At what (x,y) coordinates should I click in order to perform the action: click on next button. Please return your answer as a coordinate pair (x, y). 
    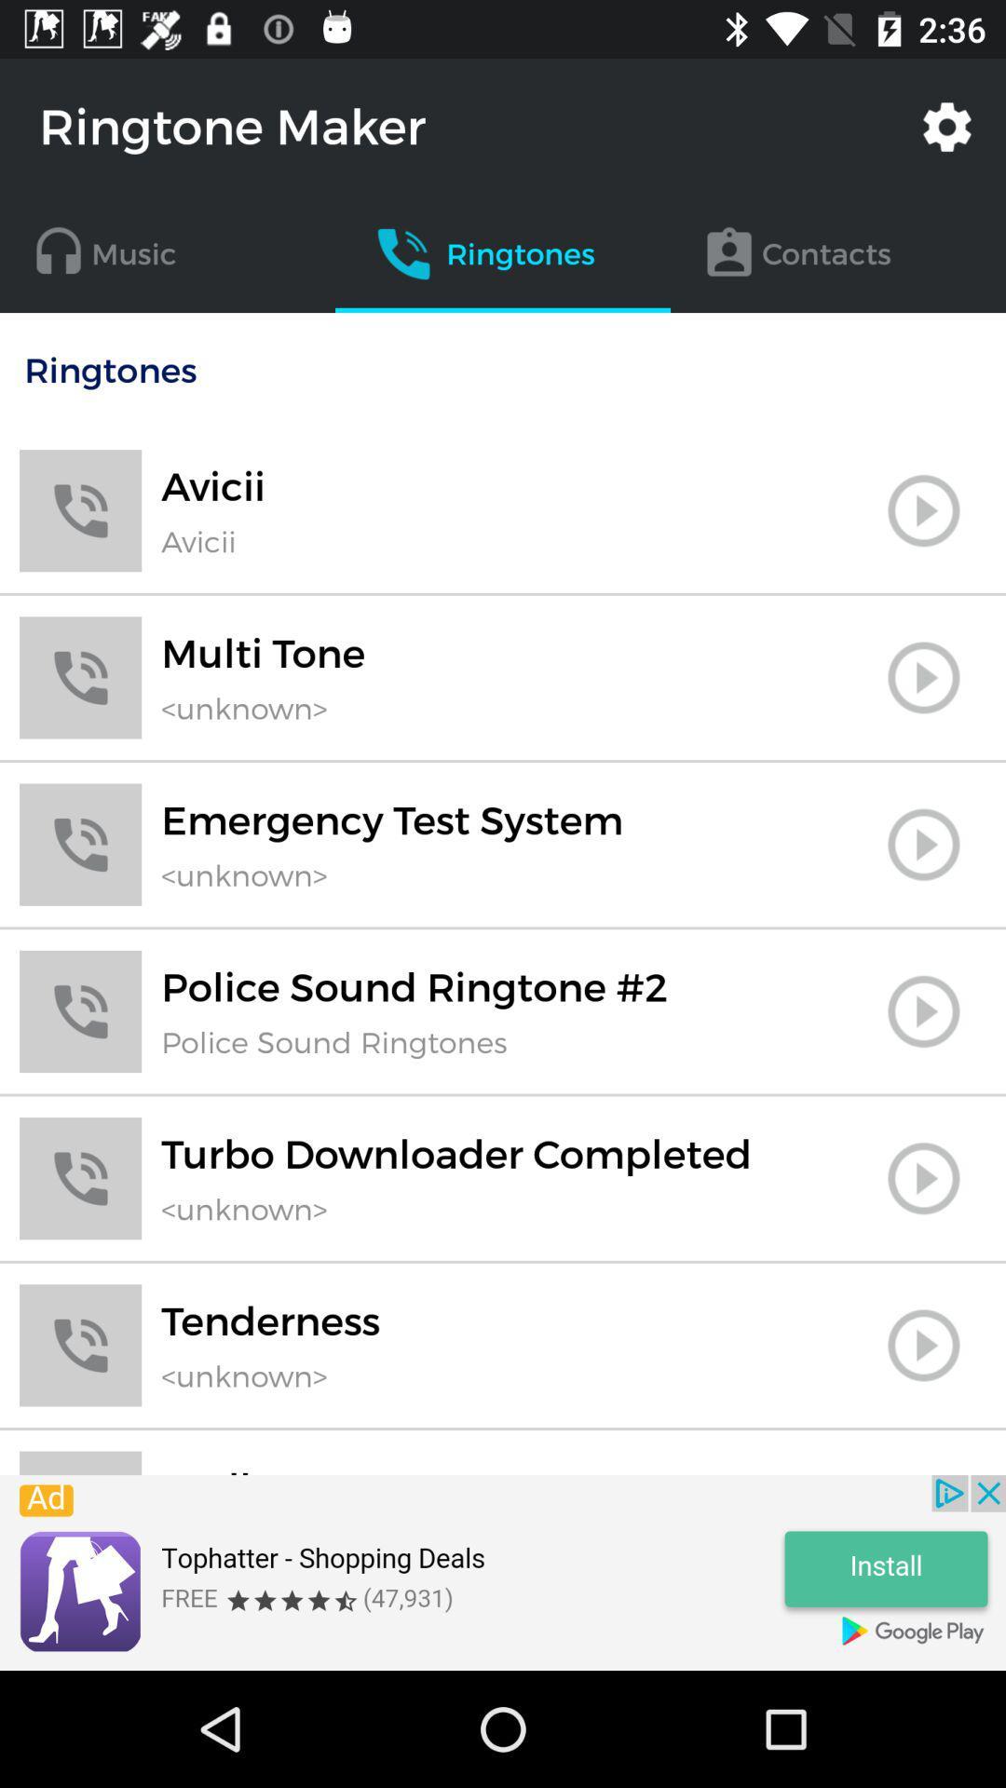
    Looking at the image, I should click on (923, 510).